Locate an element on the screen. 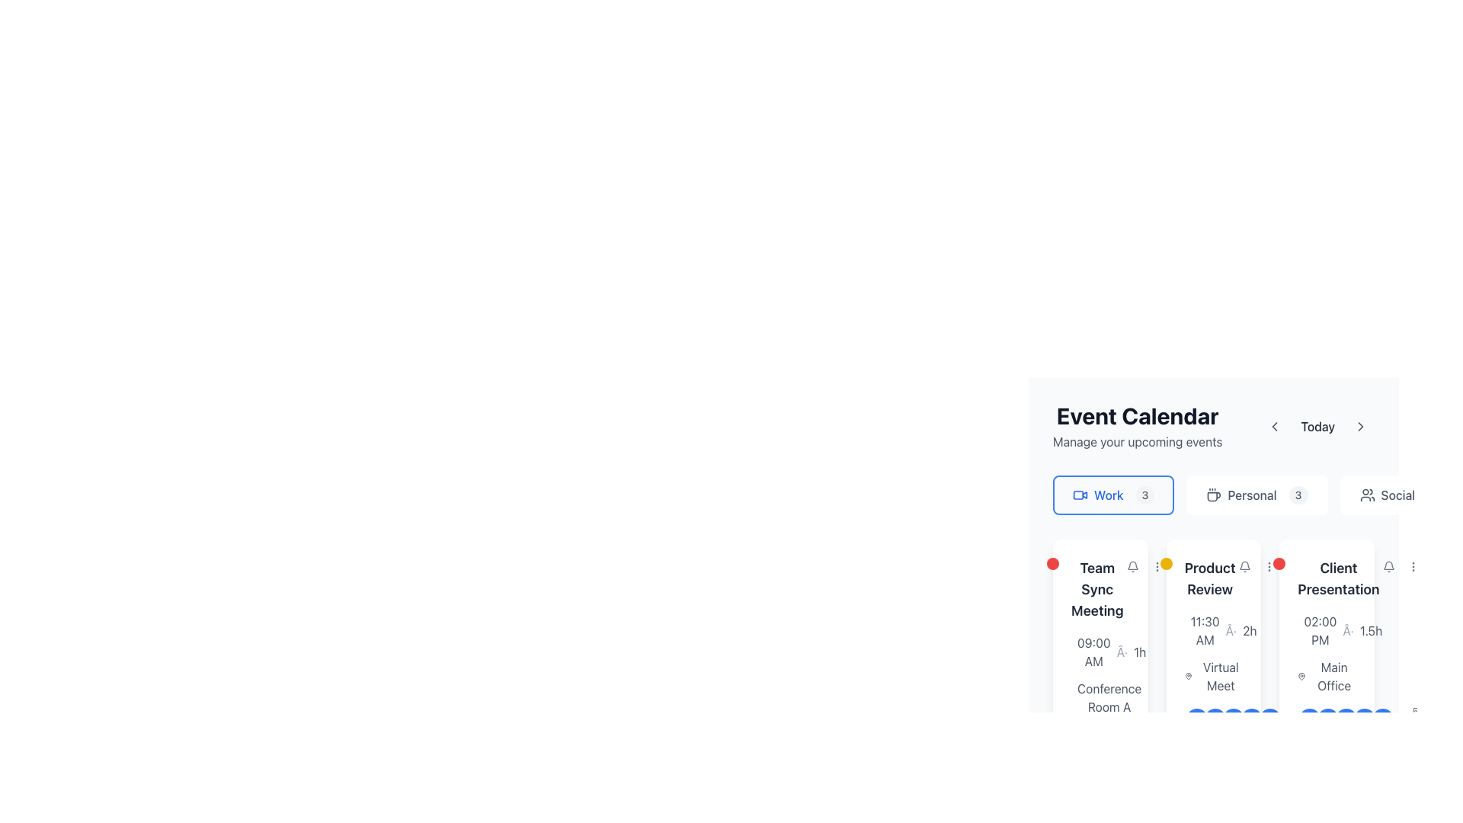 The height and width of the screenshot is (823, 1463). the small button with three vertically arranged dots, located in the top right corner of the 'Product Review' card in the 'Event Calendar' section, to observe styling changes is located at coordinates (1269, 567).